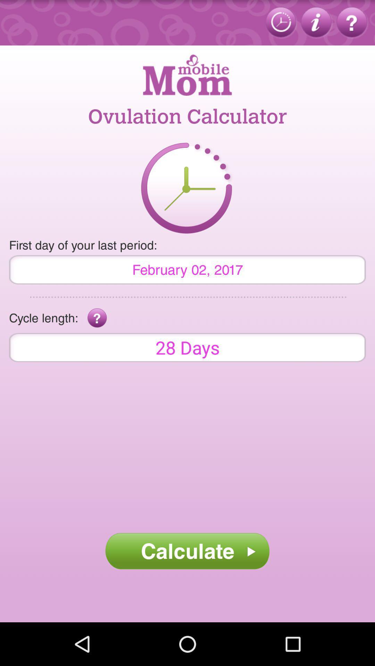  I want to click on app next to the cycle length: icon, so click(97, 318).